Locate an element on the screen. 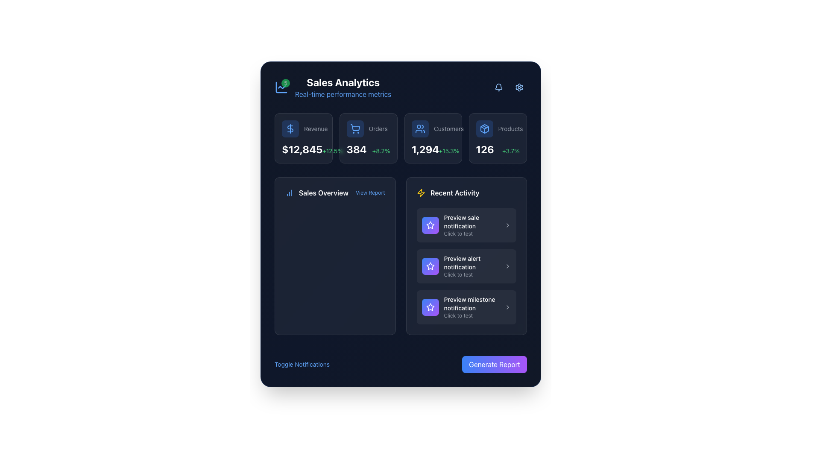 Image resolution: width=820 pixels, height=461 pixels. the text label 'Customers' which is styled in a small muted gray font and located within the dark-themed interface, positioned to the right of the user icon in the overview area is located at coordinates (448, 128).